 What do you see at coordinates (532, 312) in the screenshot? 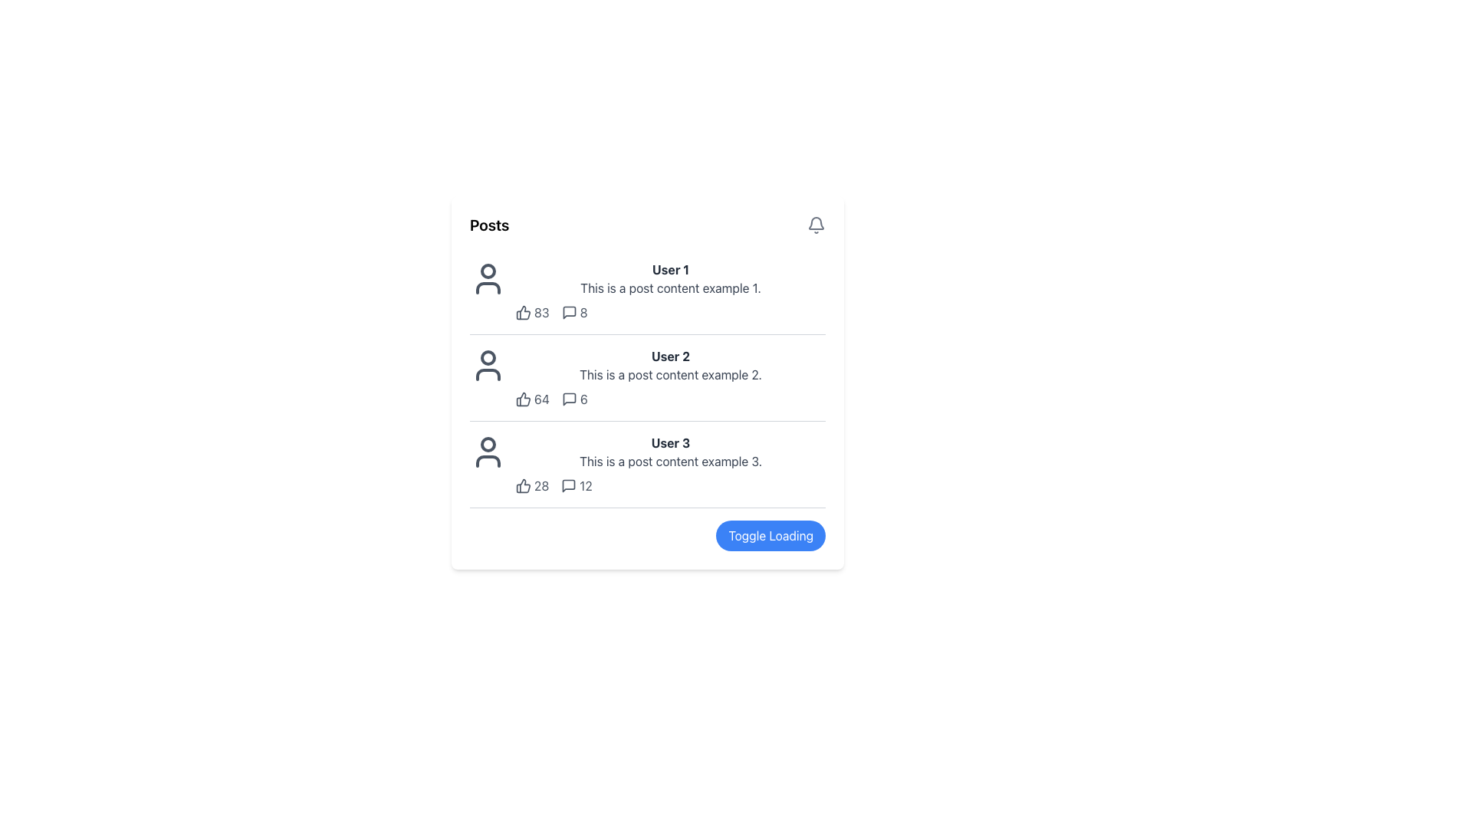
I see `the thumbs-up icon and text combination indicating a metric, which displays the value '83' and is located in the topmost post card, next to an avatar and user name, and above a comment count` at bounding box center [532, 312].